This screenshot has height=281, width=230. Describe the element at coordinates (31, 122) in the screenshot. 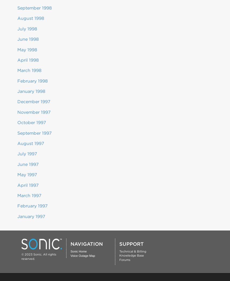

I see `'October 1997'` at that location.